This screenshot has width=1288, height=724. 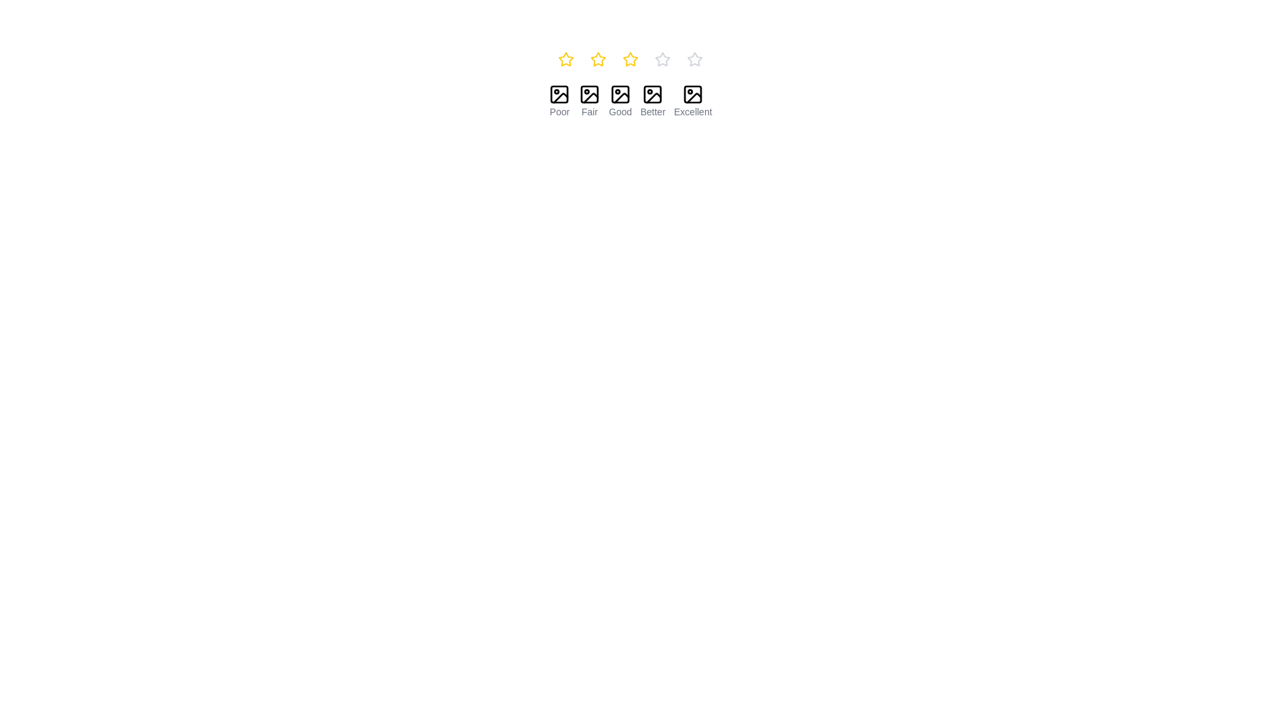 I want to click on the fifth star in the rating system, so click(x=695, y=58).